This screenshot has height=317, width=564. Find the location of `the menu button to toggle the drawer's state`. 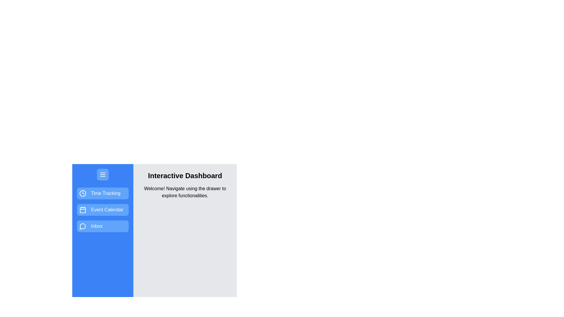

the menu button to toggle the drawer's state is located at coordinates (103, 174).